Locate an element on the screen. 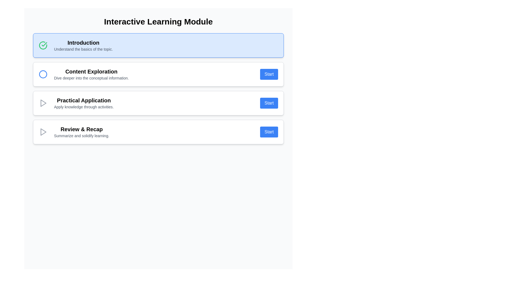  the bold and large static text element reading 'Review & Recap', which is located in the fourth section of the module list, adjacent to the play icon is located at coordinates (81, 129).